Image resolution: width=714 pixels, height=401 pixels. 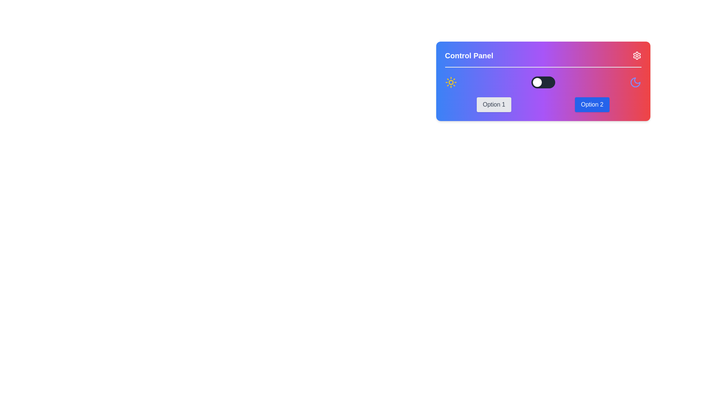 What do you see at coordinates (543, 82) in the screenshot?
I see `the toggle switch located centrally below the 'Control Panel' title` at bounding box center [543, 82].